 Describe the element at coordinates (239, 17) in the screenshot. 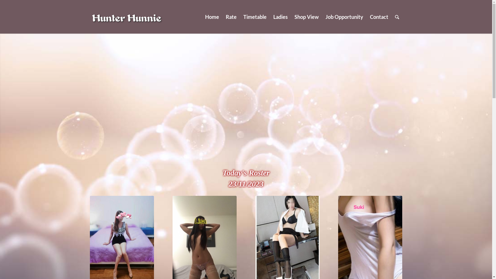

I see `'Timetable'` at that location.